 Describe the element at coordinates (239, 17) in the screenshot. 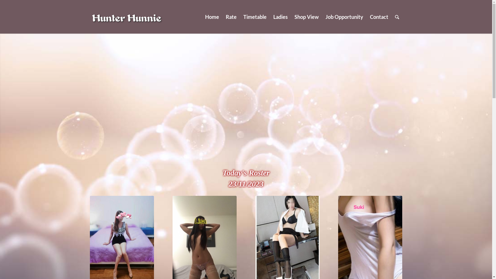

I see `'Timetable'` at that location.